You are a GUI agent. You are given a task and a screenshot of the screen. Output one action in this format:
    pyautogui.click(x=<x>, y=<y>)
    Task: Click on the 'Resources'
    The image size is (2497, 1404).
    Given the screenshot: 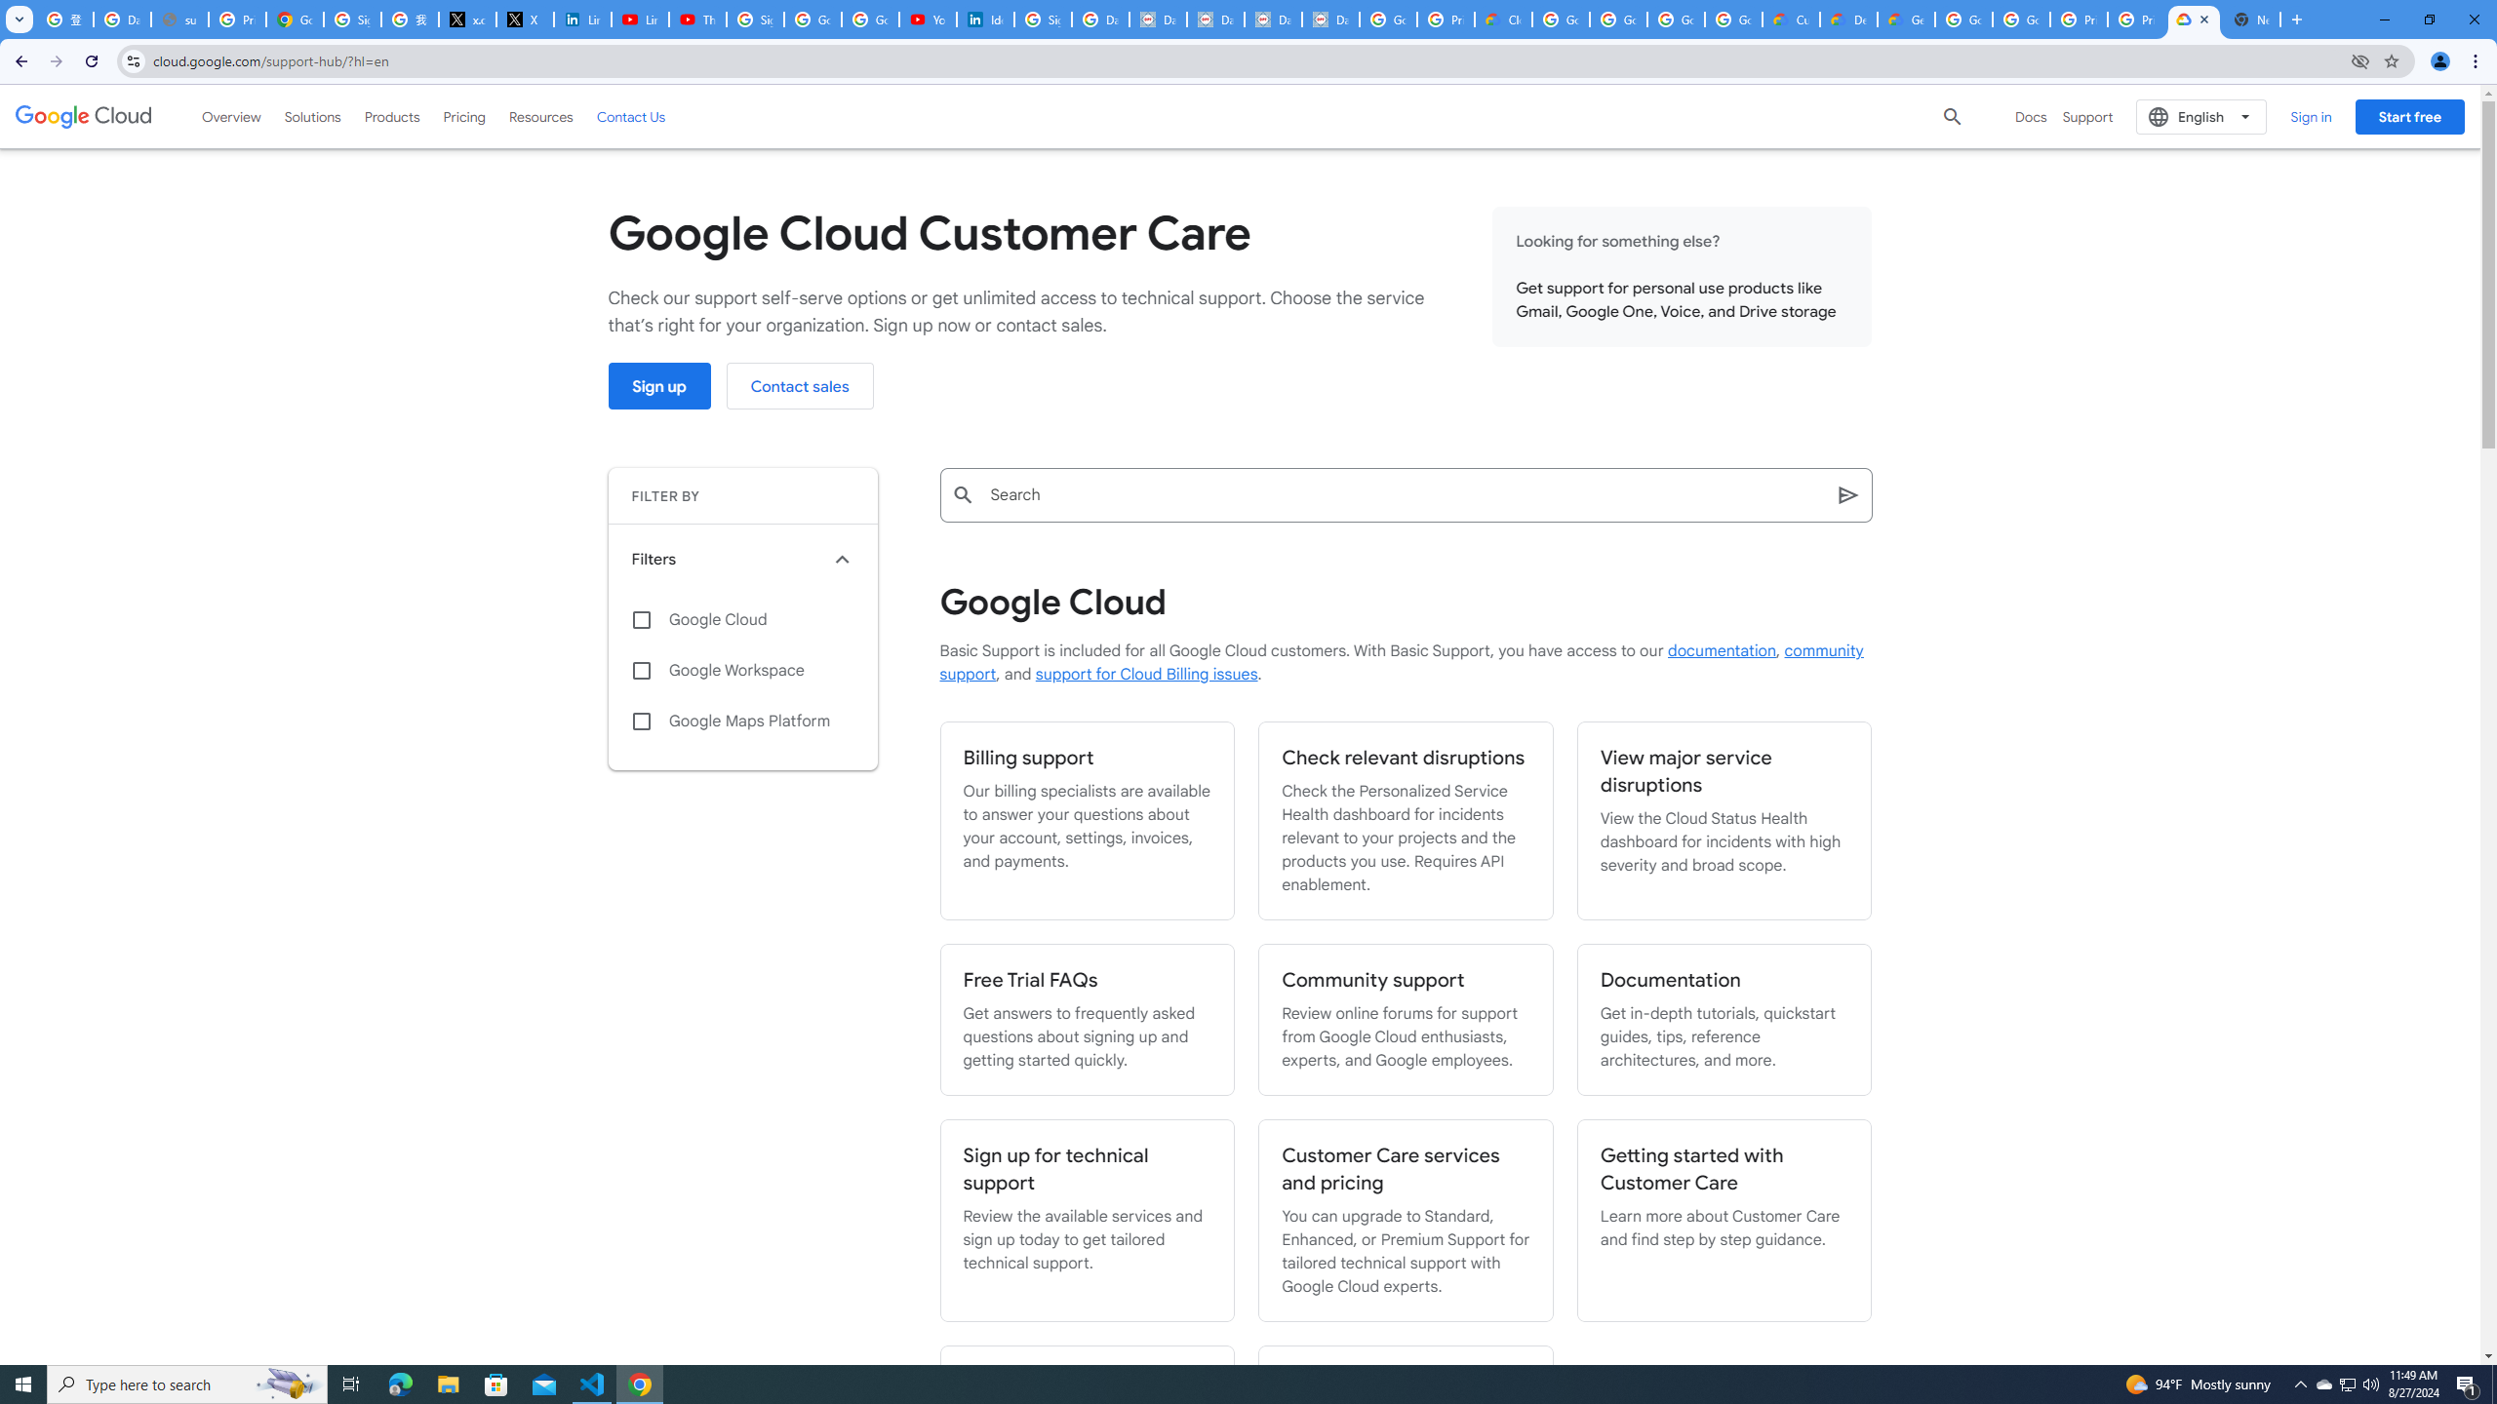 What is the action you would take?
    pyautogui.click(x=540, y=115)
    